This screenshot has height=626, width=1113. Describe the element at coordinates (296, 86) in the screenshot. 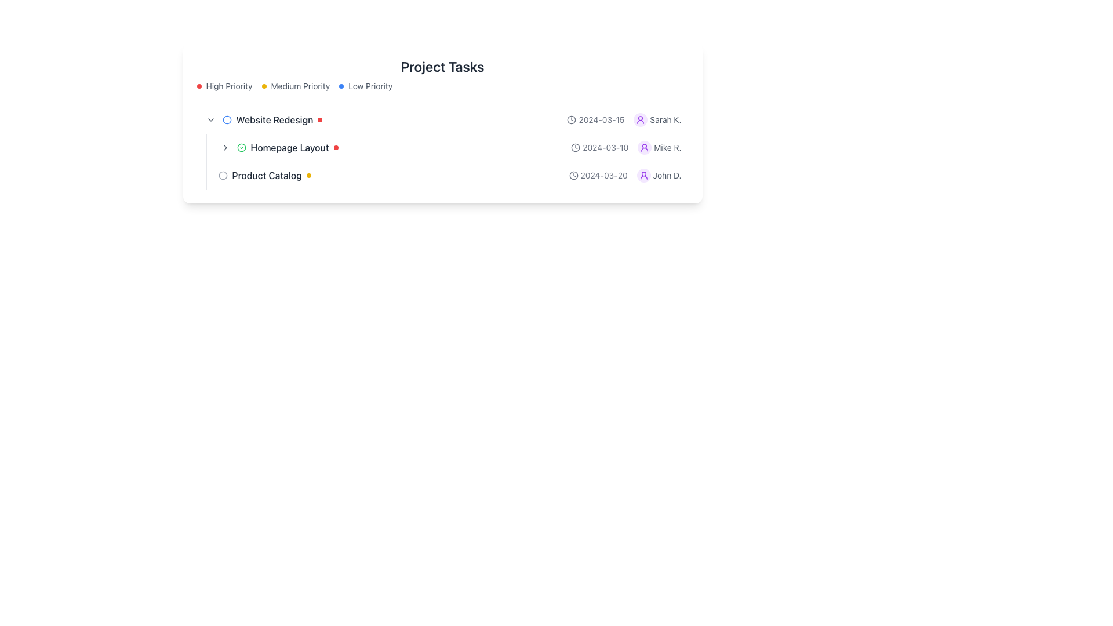

I see `the 'Medium Priority' label with a yellow color dot, which is the second item in a list of priority indicators` at that location.